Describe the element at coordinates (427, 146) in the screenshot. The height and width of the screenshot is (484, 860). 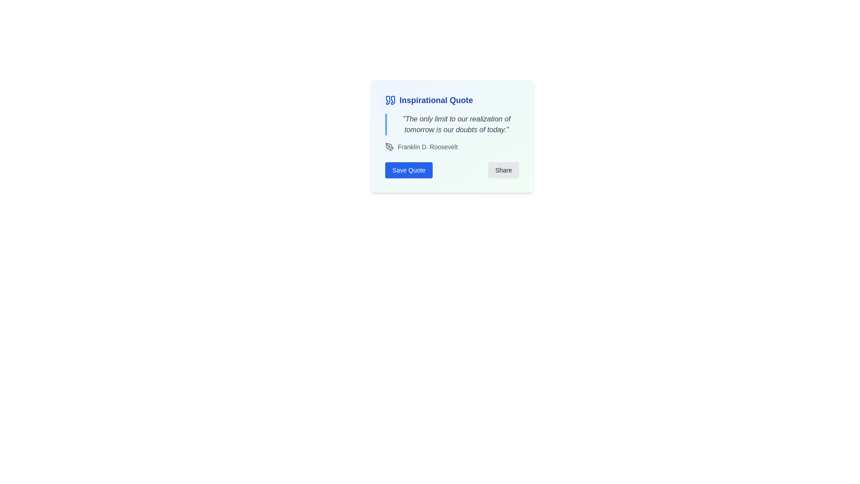
I see `the text label displaying 'Franklin D. Roosevelt', which is styled with a small-sized, gray font and positioned in the bottom-left area of the card` at that location.